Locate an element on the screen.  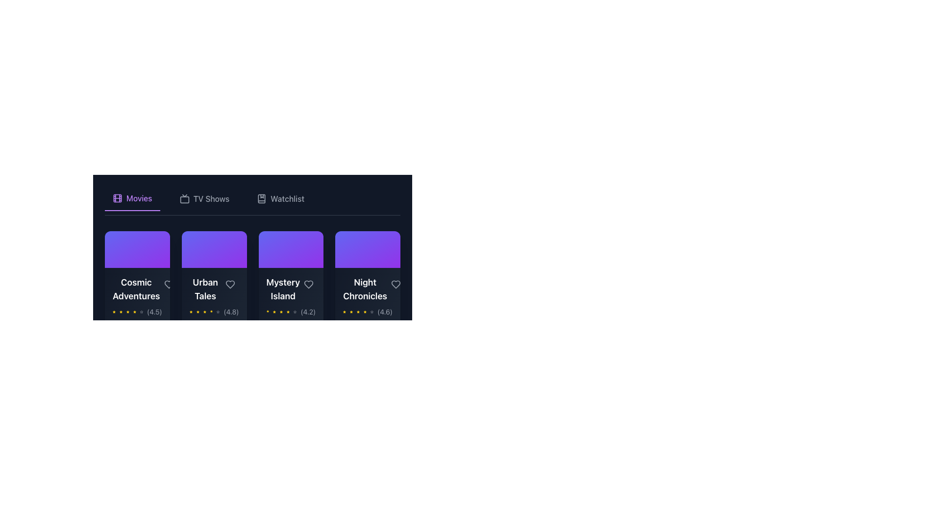
the rating represented by the fourth star-shaped icon in the rating display for 'Mystery Island' is located at coordinates (281, 312).